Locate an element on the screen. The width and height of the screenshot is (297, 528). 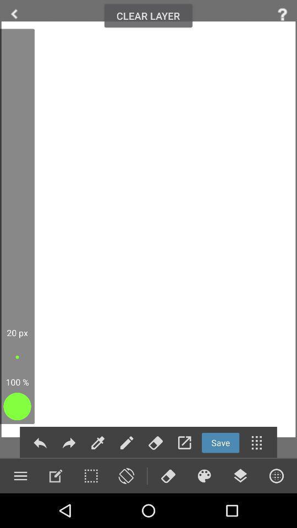
arrow to go back is located at coordinates (14, 14).